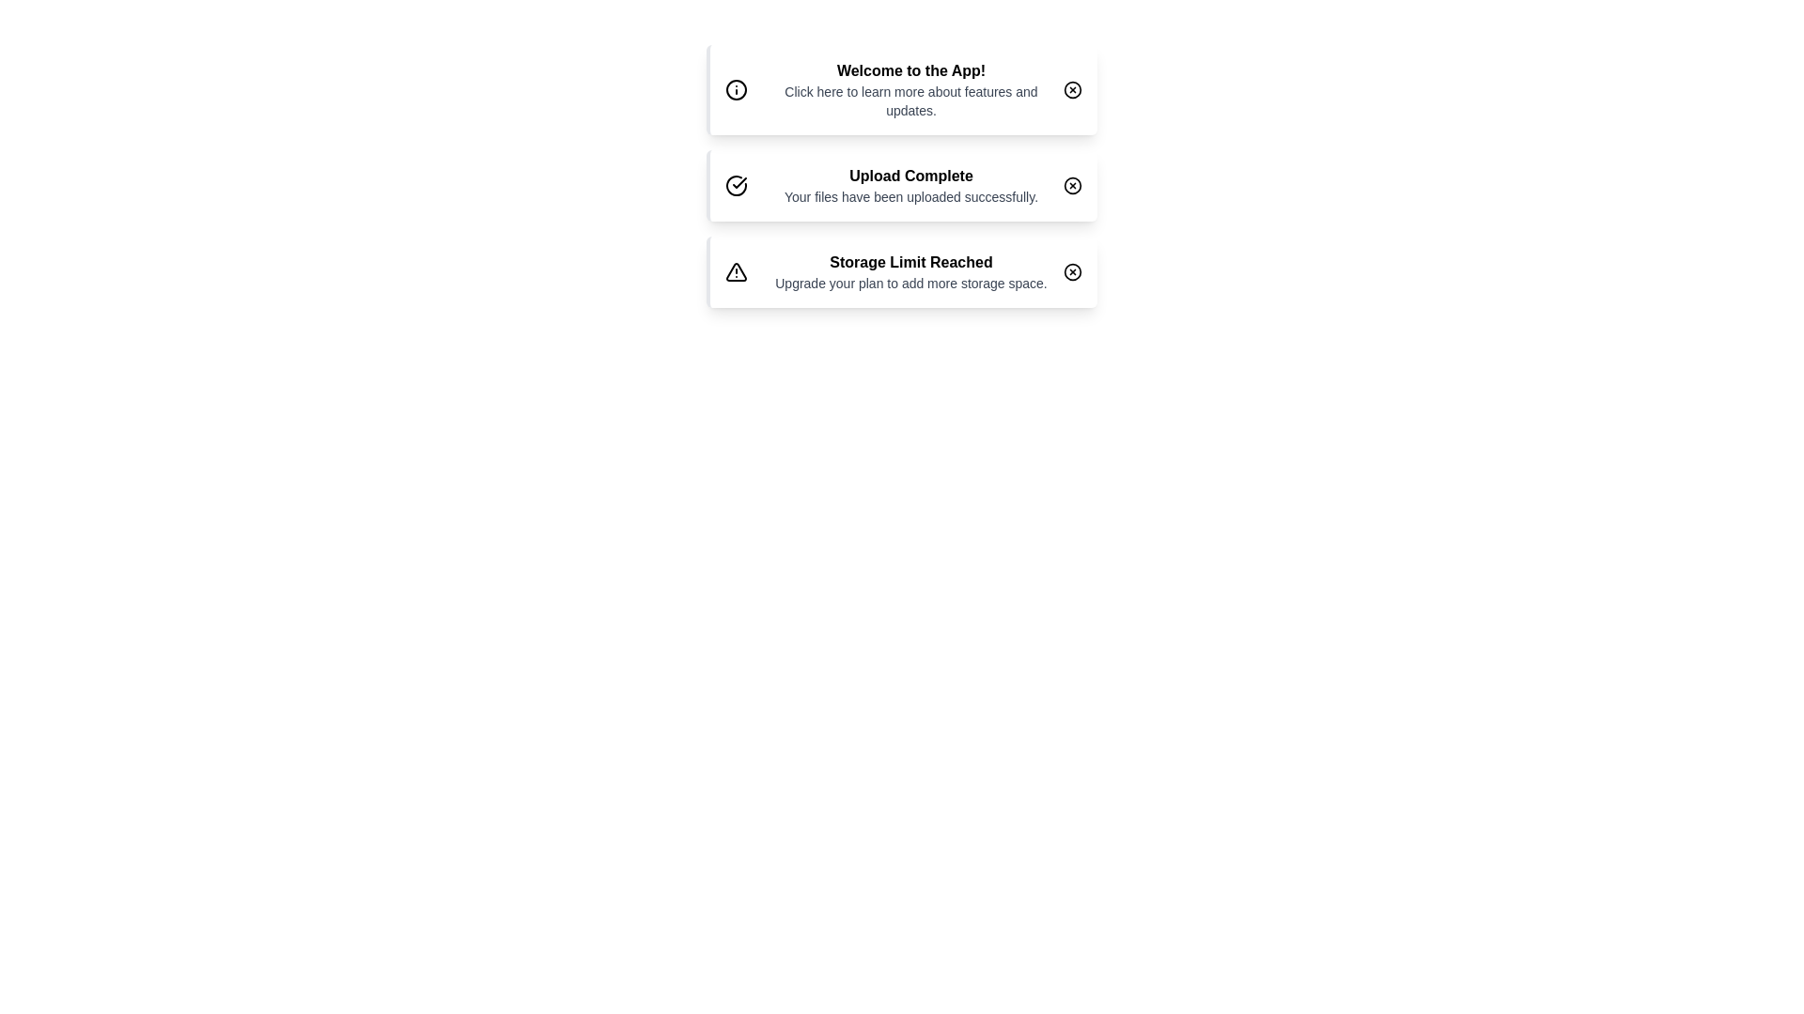  Describe the element at coordinates (910, 101) in the screenshot. I see `the notification text to learn more` at that location.